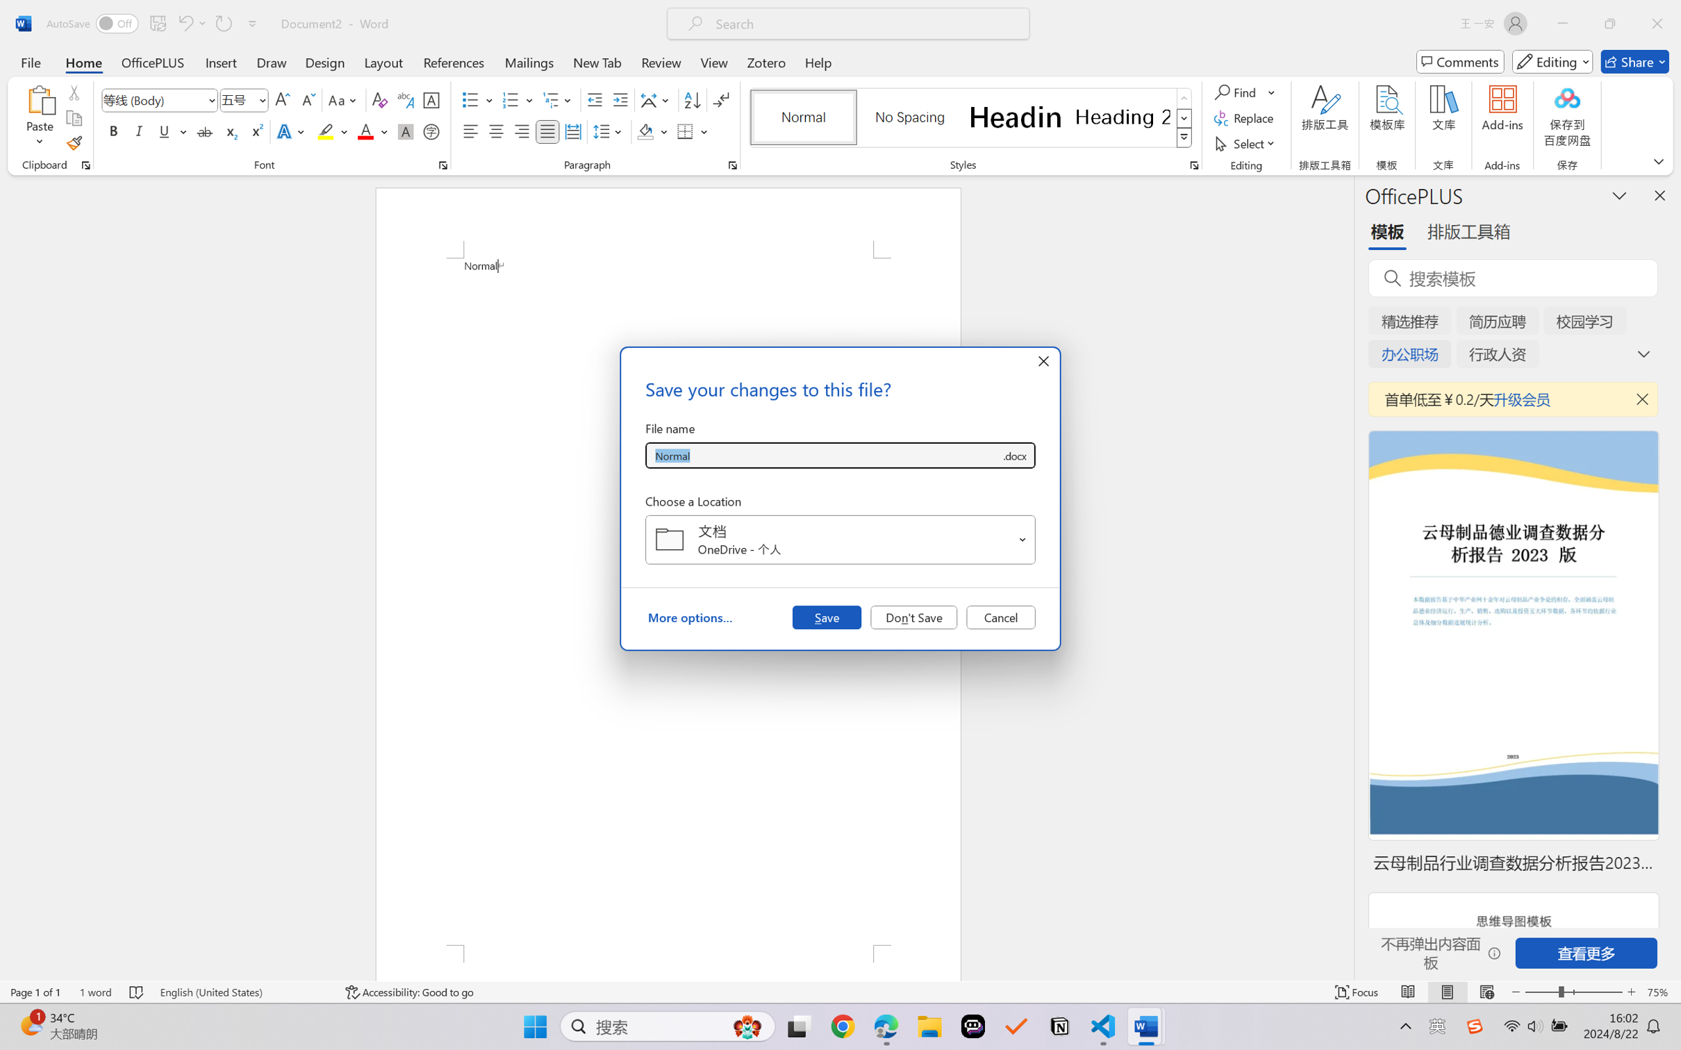  Describe the element at coordinates (972, 1026) in the screenshot. I see `'Poe'` at that location.